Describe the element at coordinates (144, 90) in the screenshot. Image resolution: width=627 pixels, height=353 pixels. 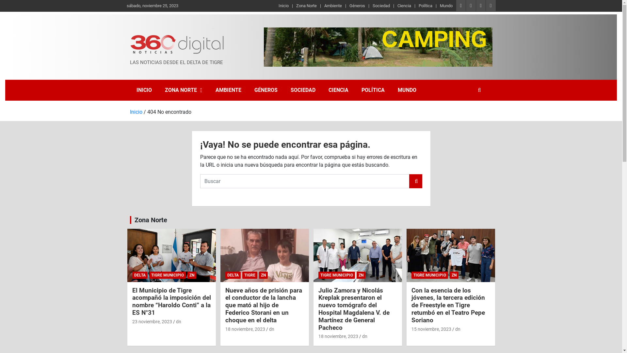
I see `'INICIO'` at that location.